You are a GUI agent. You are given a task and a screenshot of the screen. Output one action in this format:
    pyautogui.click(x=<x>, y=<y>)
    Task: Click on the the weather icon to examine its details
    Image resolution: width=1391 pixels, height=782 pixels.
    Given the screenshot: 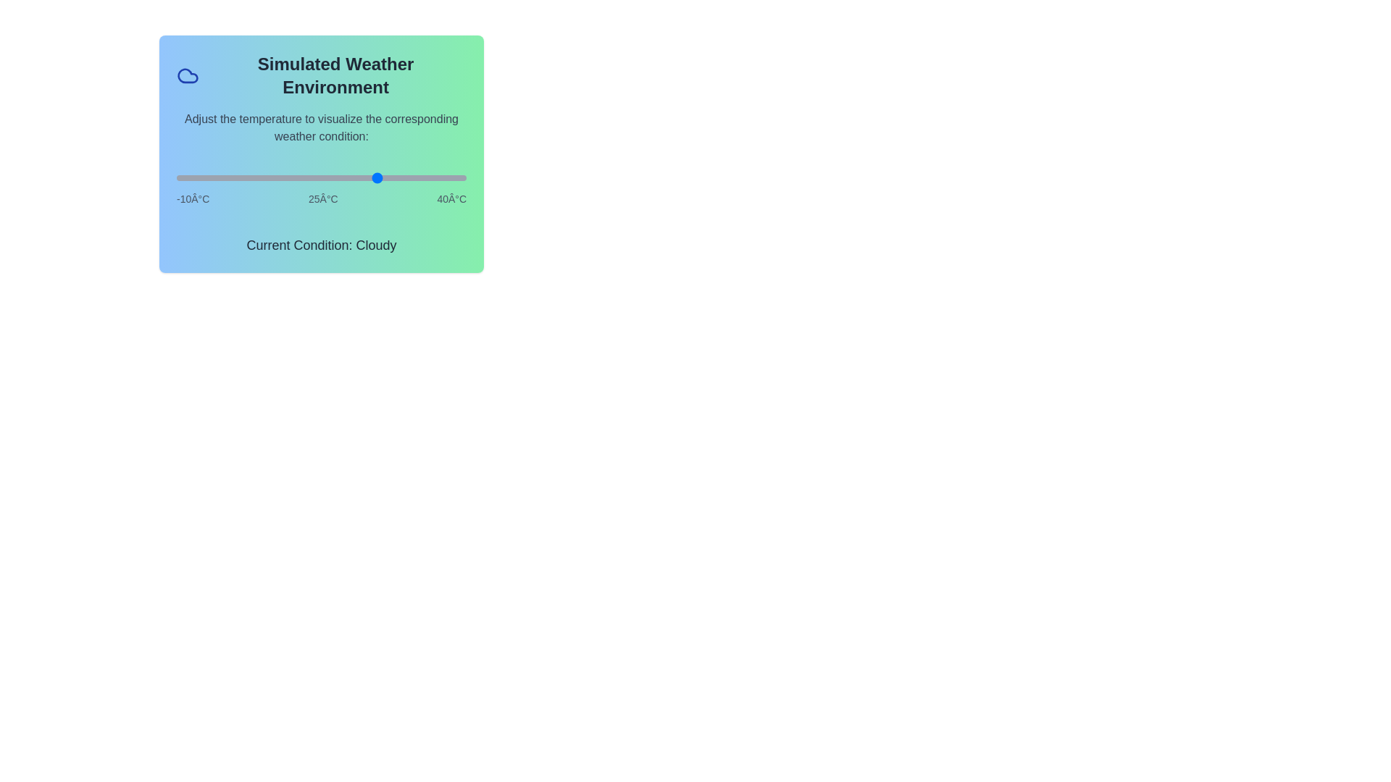 What is the action you would take?
    pyautogui.click(x=187, y=75)
    